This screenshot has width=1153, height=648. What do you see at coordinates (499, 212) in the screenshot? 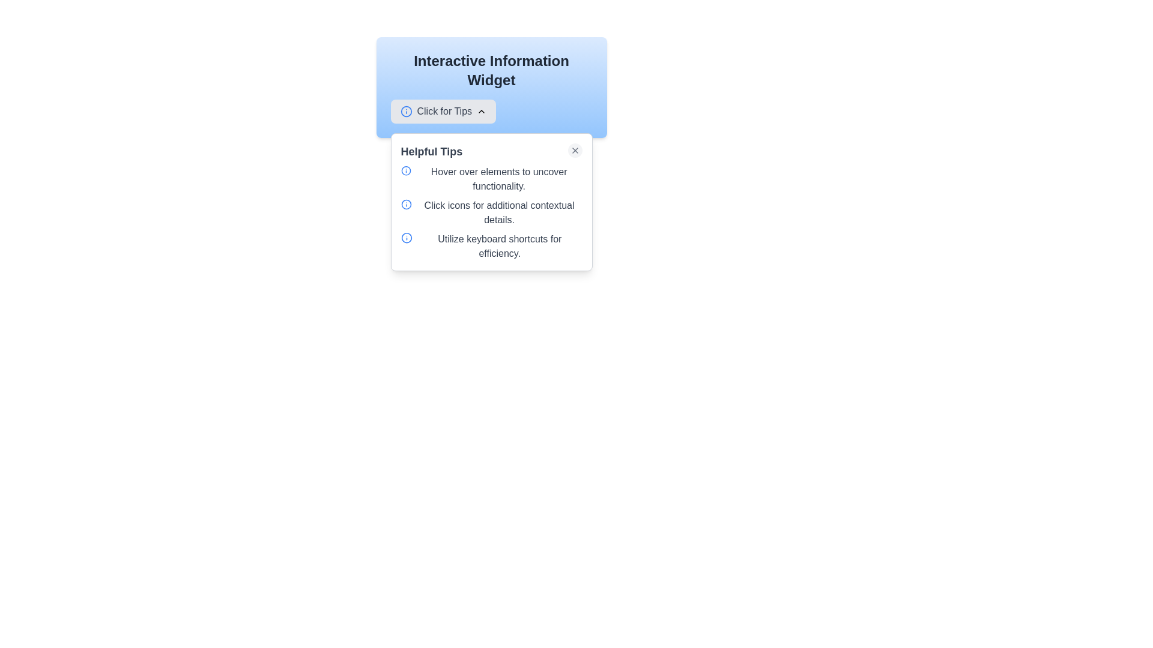
I see `the second text entry in the 'Helpful Tips' section that provides guidance on interaction methods involving icons for contextual details` at bounding box center [499, 212].